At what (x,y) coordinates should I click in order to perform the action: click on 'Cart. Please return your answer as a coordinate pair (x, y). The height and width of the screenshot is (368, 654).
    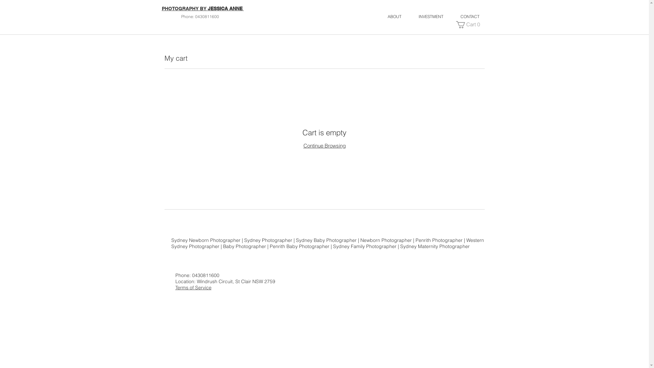
    Looking at the image, I should click on (469, 24).